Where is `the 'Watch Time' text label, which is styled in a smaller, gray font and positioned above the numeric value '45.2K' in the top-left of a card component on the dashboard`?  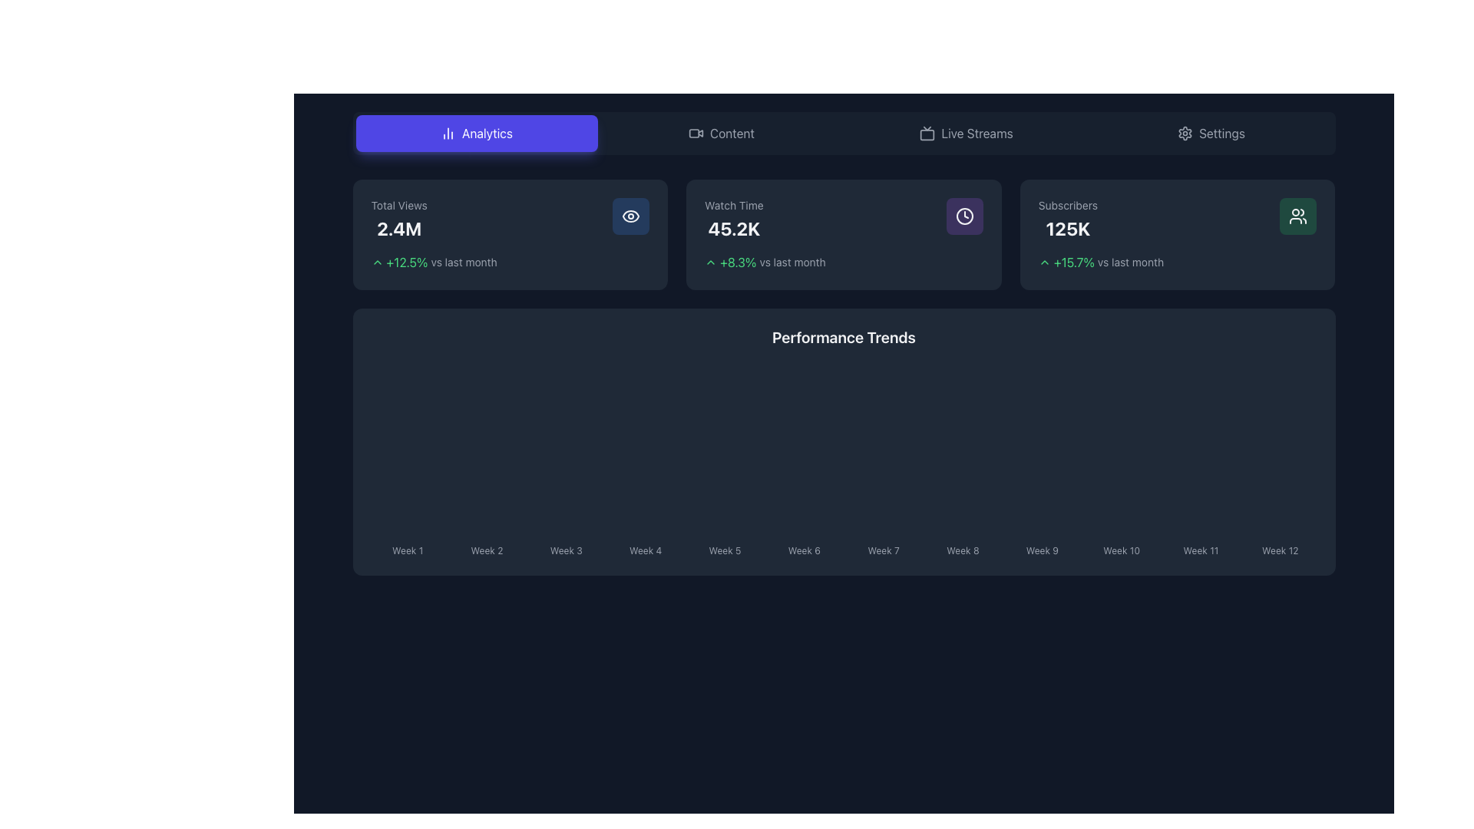 the 'Watch Time' text label, which is styled in a smaller, gray font and positioned above the numeric value '45.2K' in the top-left of a card component on the dashboard is located at coordinates (733, 204).